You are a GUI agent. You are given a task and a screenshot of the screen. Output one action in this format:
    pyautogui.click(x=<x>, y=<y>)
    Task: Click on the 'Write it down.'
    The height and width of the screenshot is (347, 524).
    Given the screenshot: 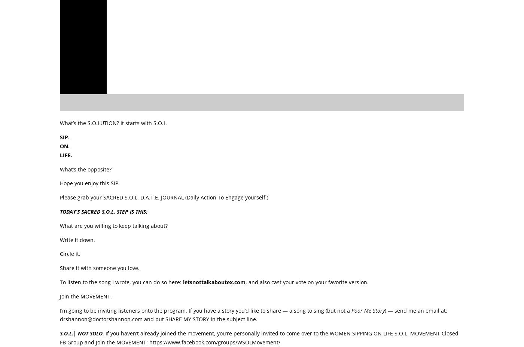 What is the action you would take?
    pyautogui.click(x=77, y=239)
    